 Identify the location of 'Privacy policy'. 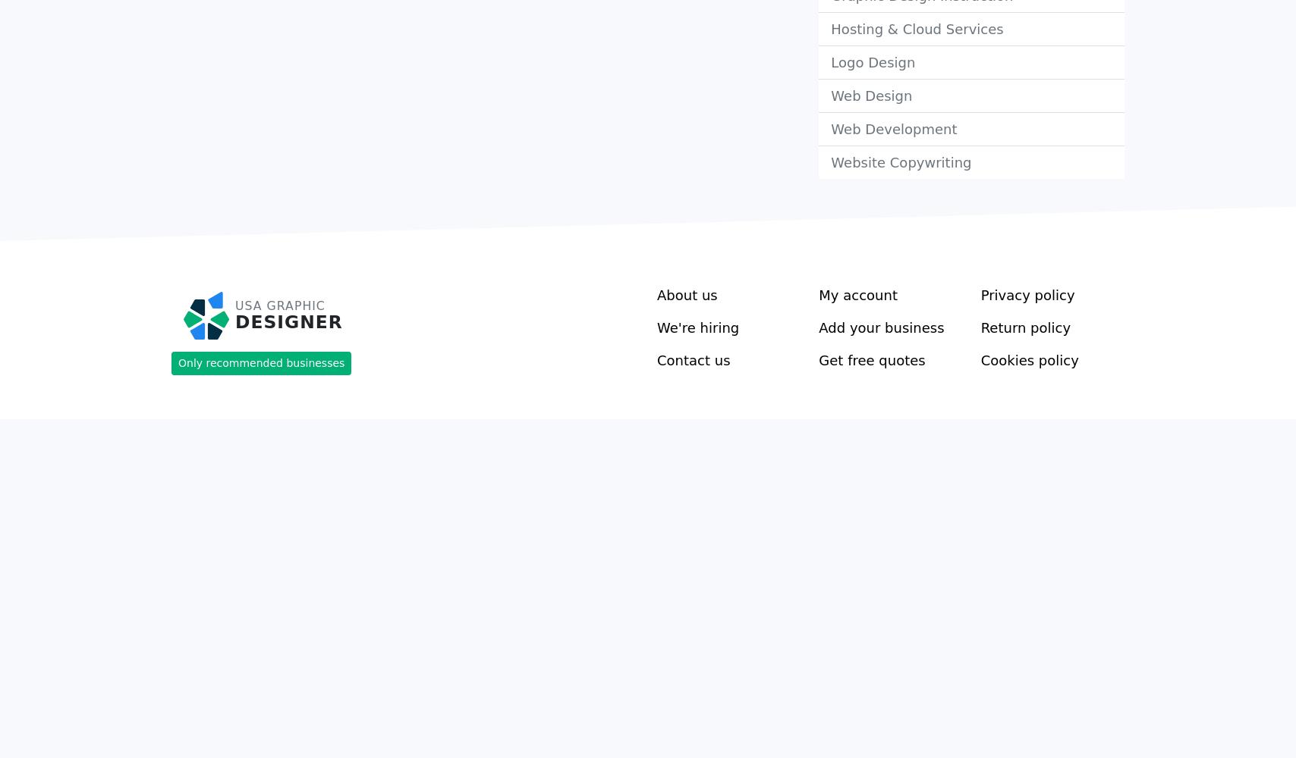
(1027, 294).